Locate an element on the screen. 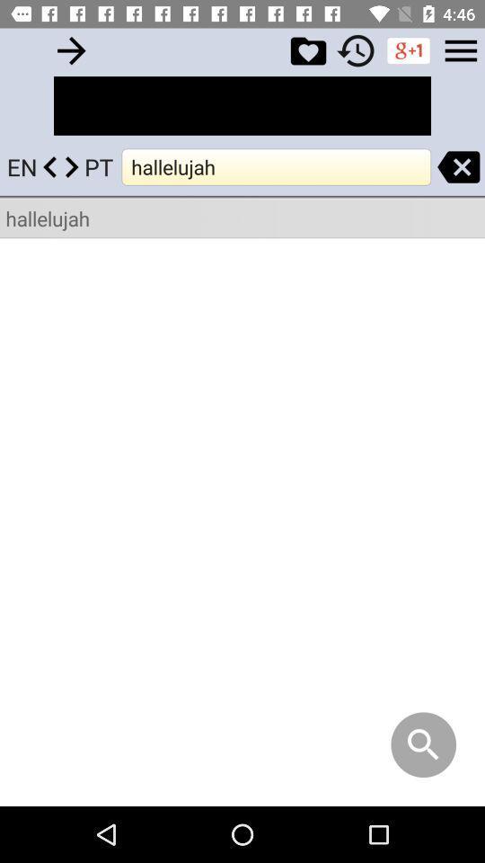 This screenshot has width=485, height=863. explore menu options is located at coordinates (461, 49).